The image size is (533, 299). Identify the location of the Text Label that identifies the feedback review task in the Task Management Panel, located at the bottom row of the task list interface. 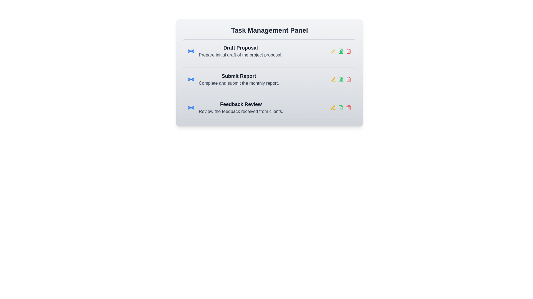
(241, 104).